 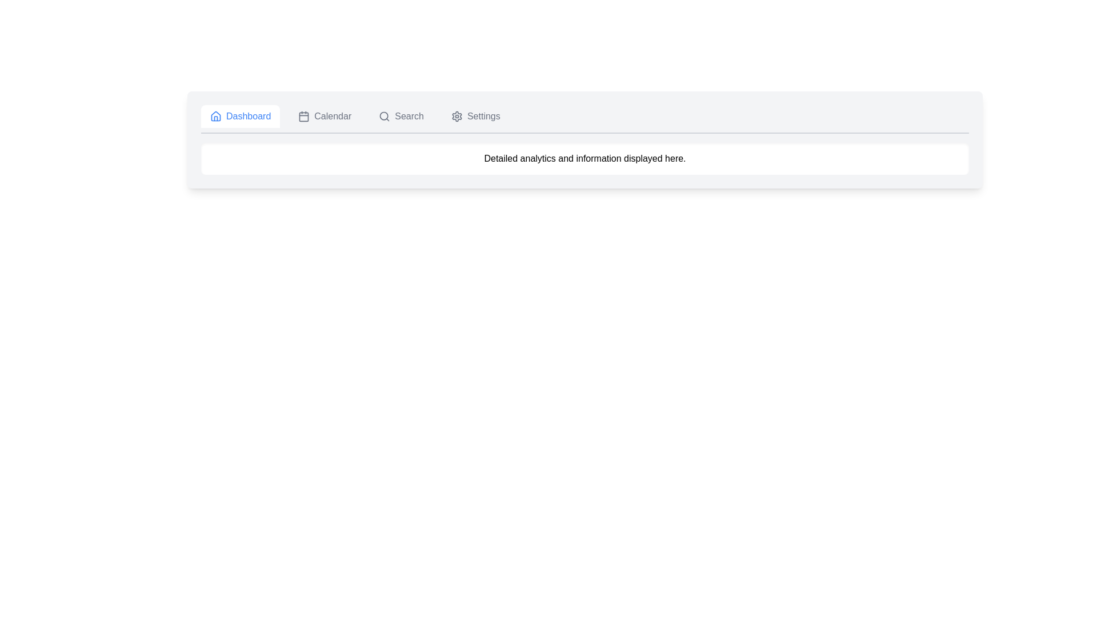 What do you see at coordinates (483, 117) in the screenshot?
I see `the text label representing a link` at bounding box center [483, 117].